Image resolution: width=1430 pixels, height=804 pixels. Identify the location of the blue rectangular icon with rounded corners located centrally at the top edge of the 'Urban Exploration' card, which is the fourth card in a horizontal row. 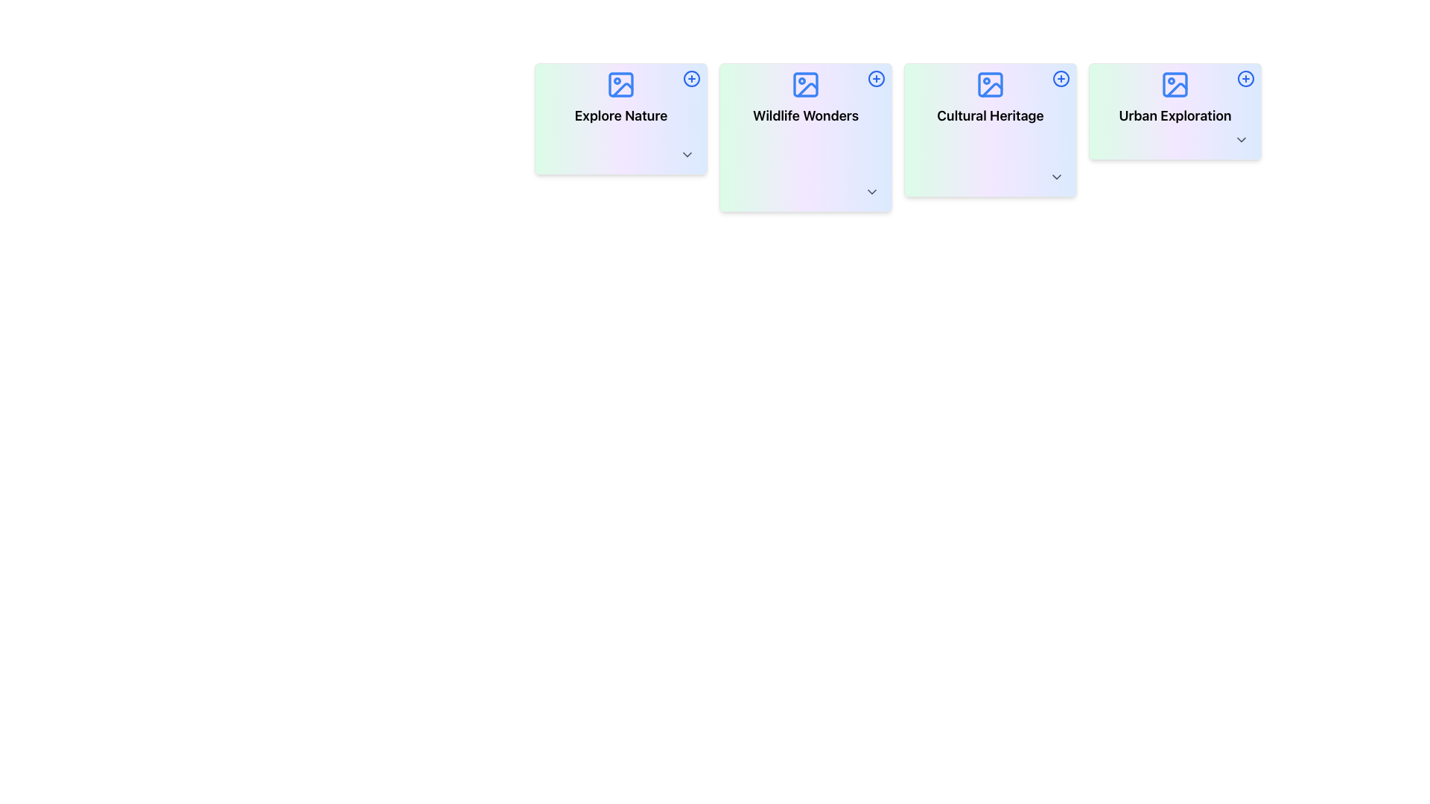
(1175, 85).